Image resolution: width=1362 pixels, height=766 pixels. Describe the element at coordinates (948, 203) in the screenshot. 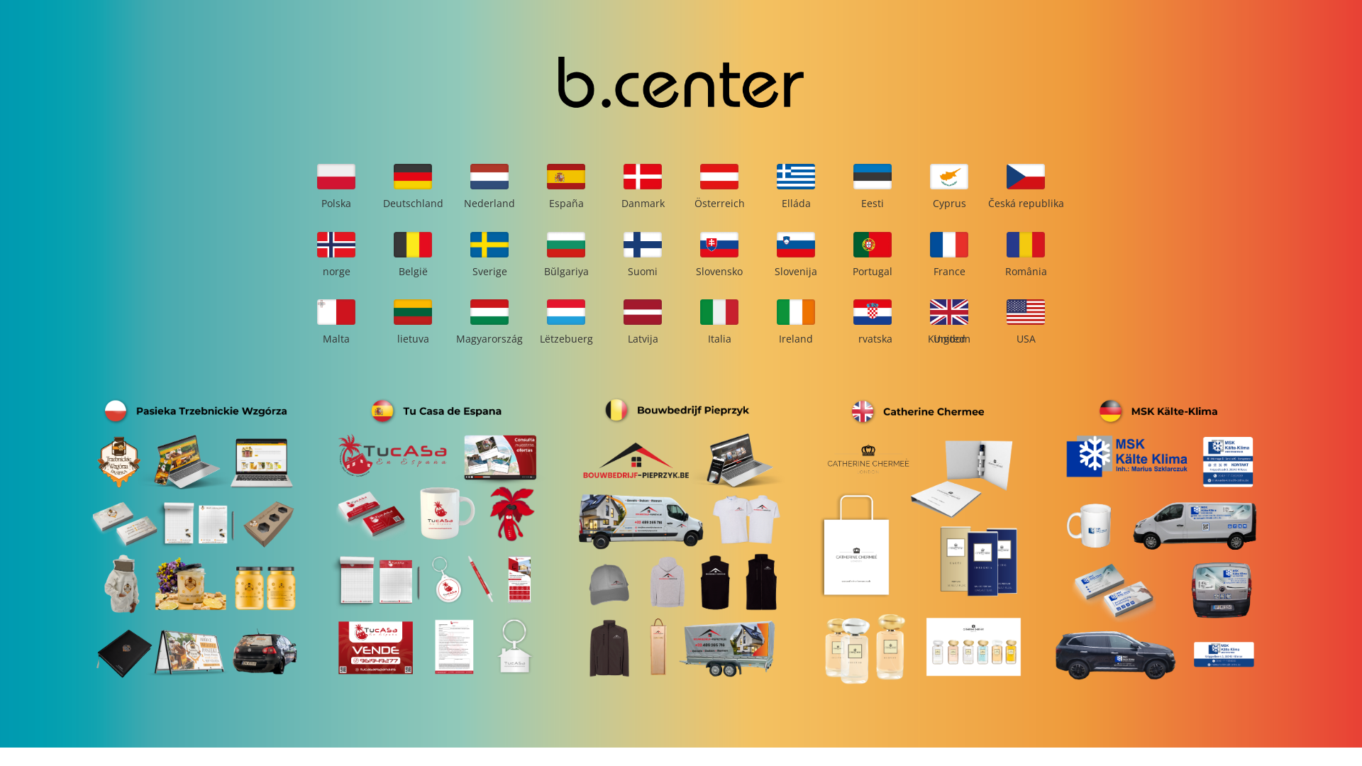

I see `'Cyprus'` at that location.